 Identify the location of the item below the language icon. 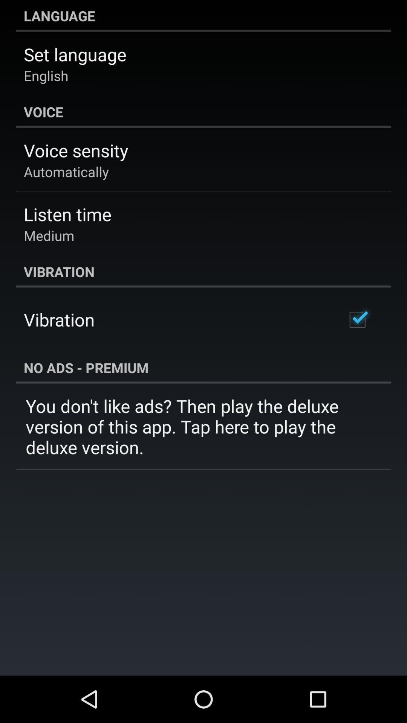
(75, 54).